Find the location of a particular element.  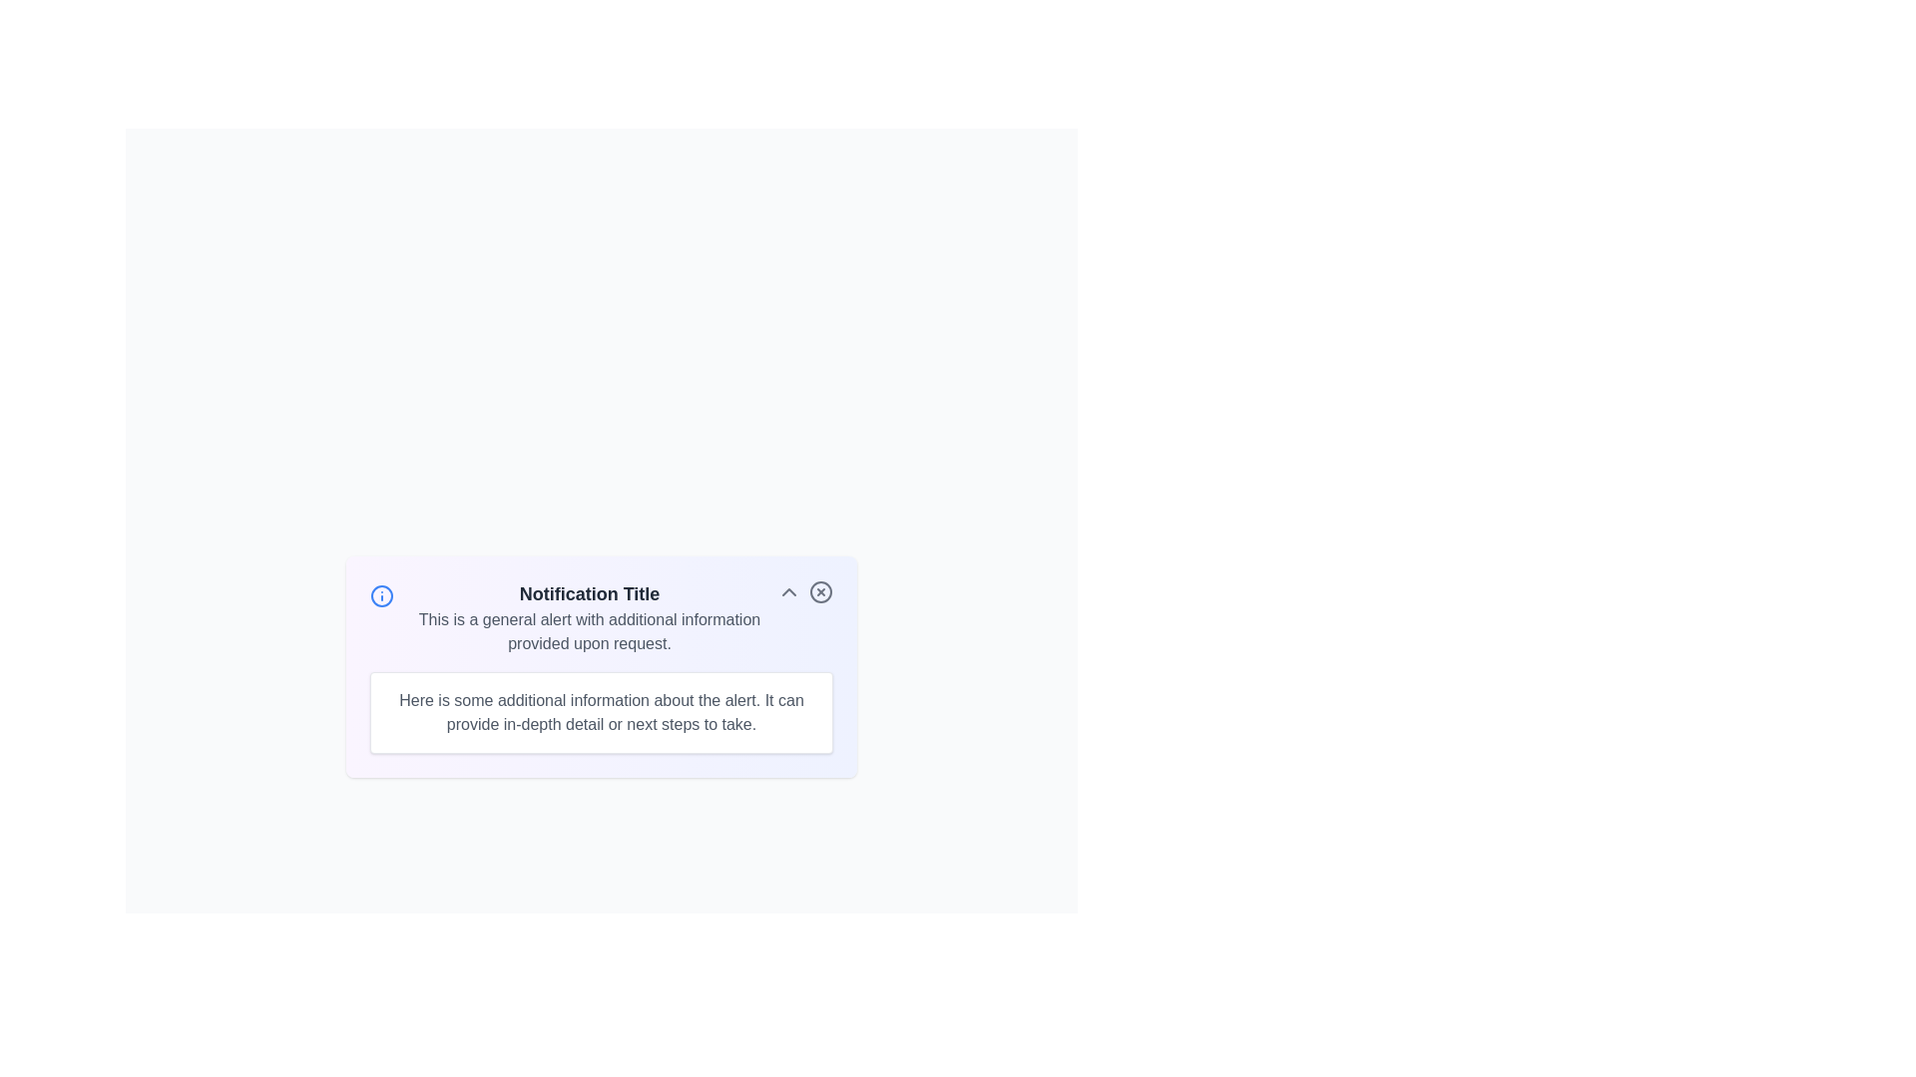

the close button to dismiss the alert is located at coordinates (820, 591).